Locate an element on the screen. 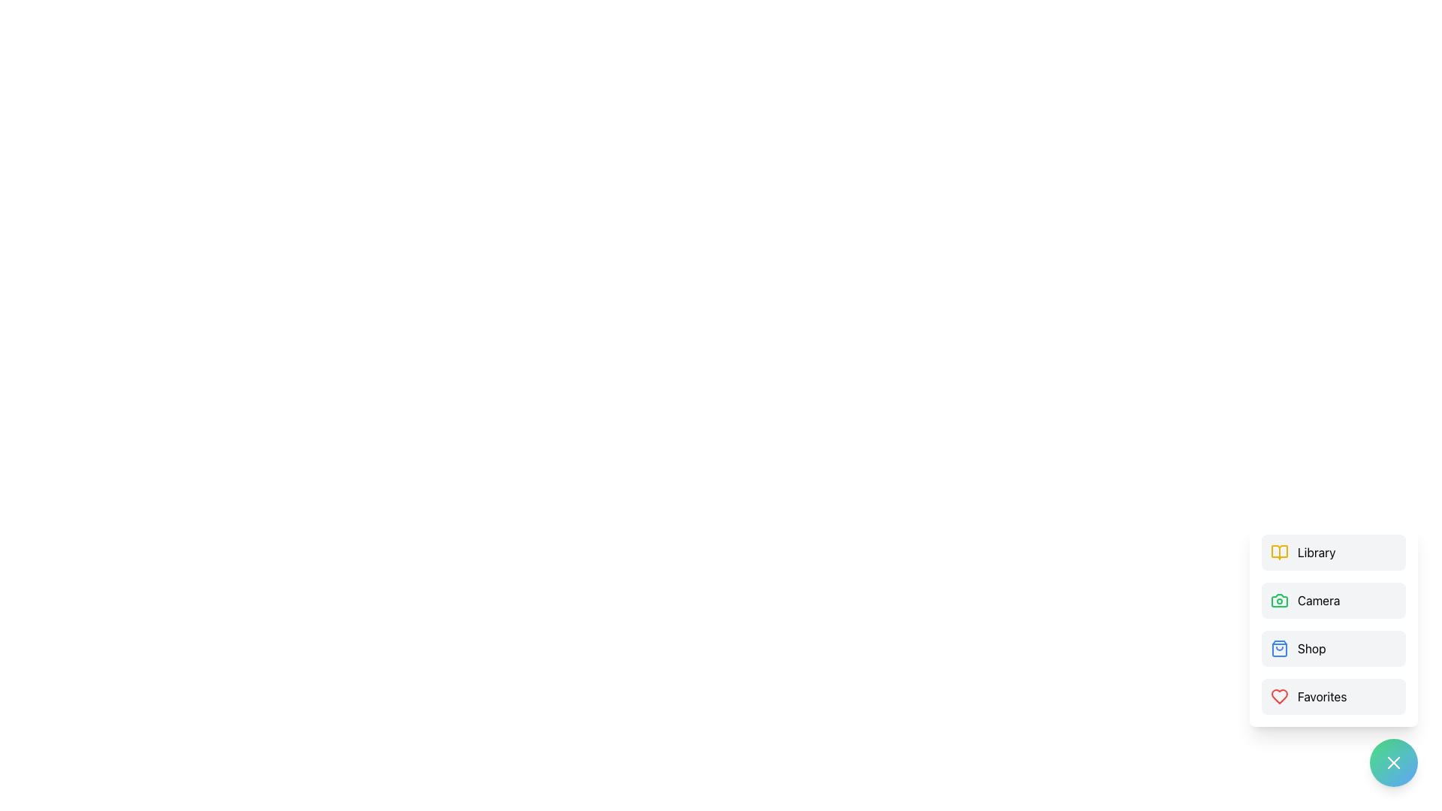 The width and height of the screenshot is (1442, 811). the small cross-shaped icon in the bottom-right corner of the interface is located at coordinates (1393, 762).